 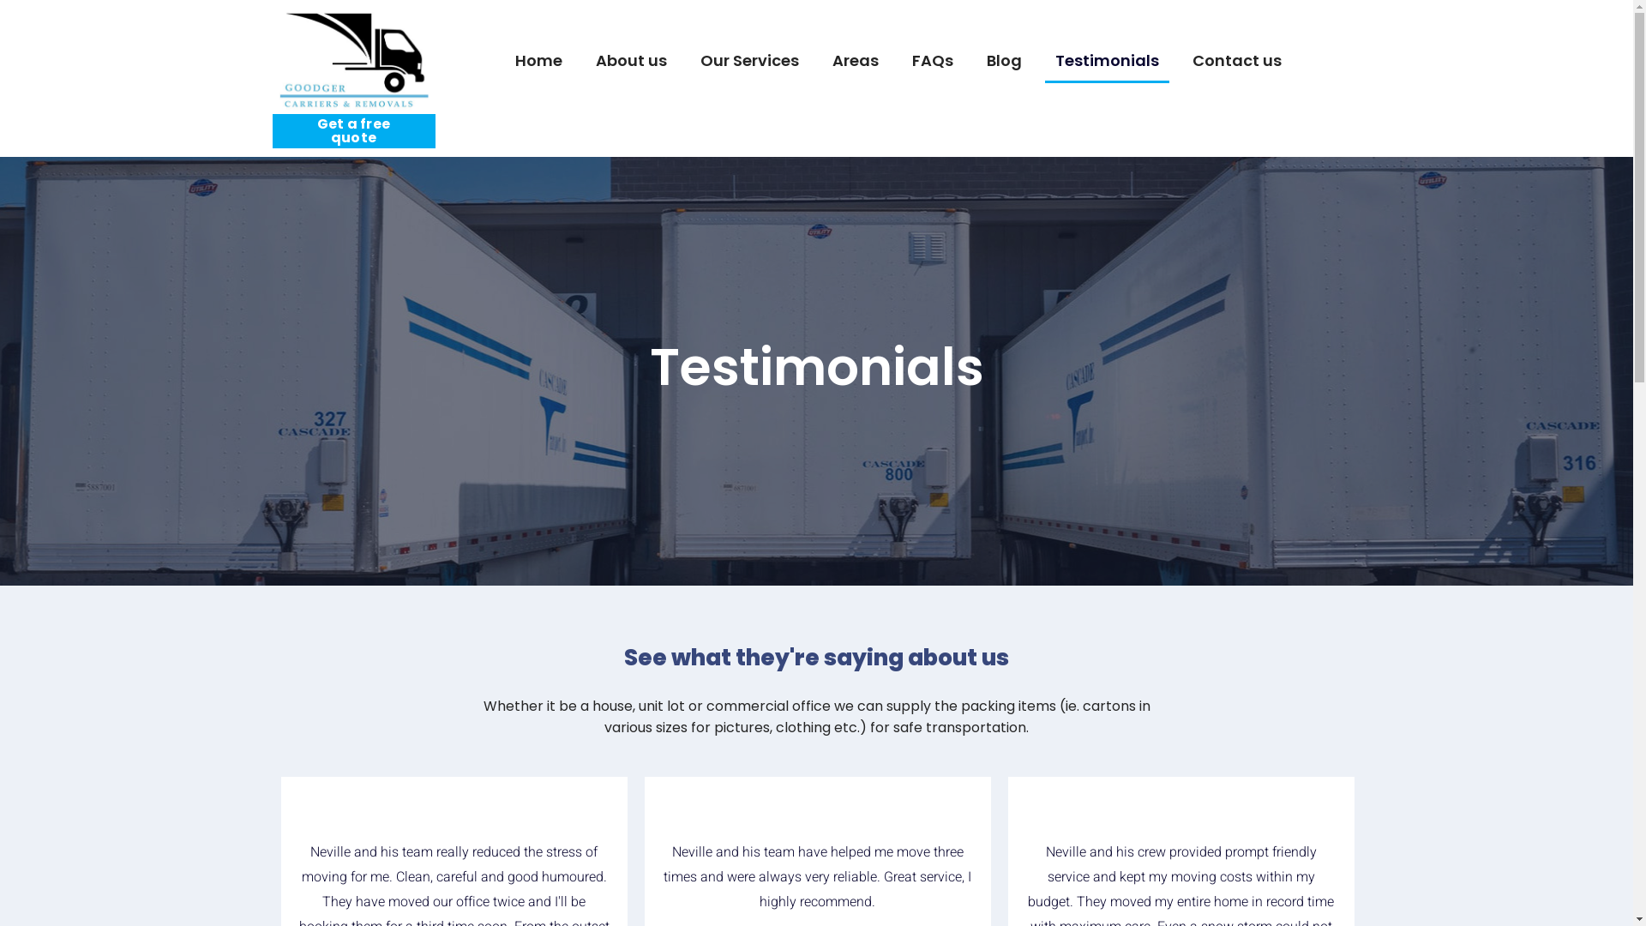 I want to click on 'Home', so click(x=537, y=61).